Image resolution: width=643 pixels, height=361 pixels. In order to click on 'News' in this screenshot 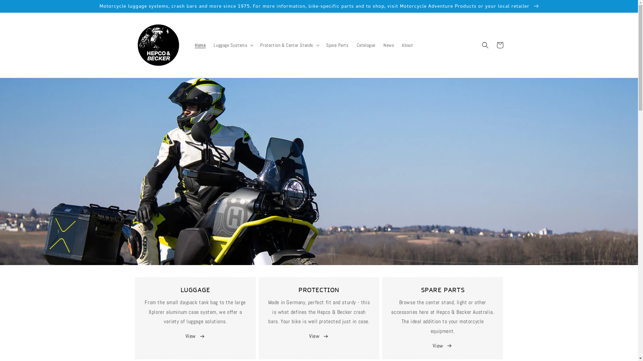, I will do `click(388, 45)`.